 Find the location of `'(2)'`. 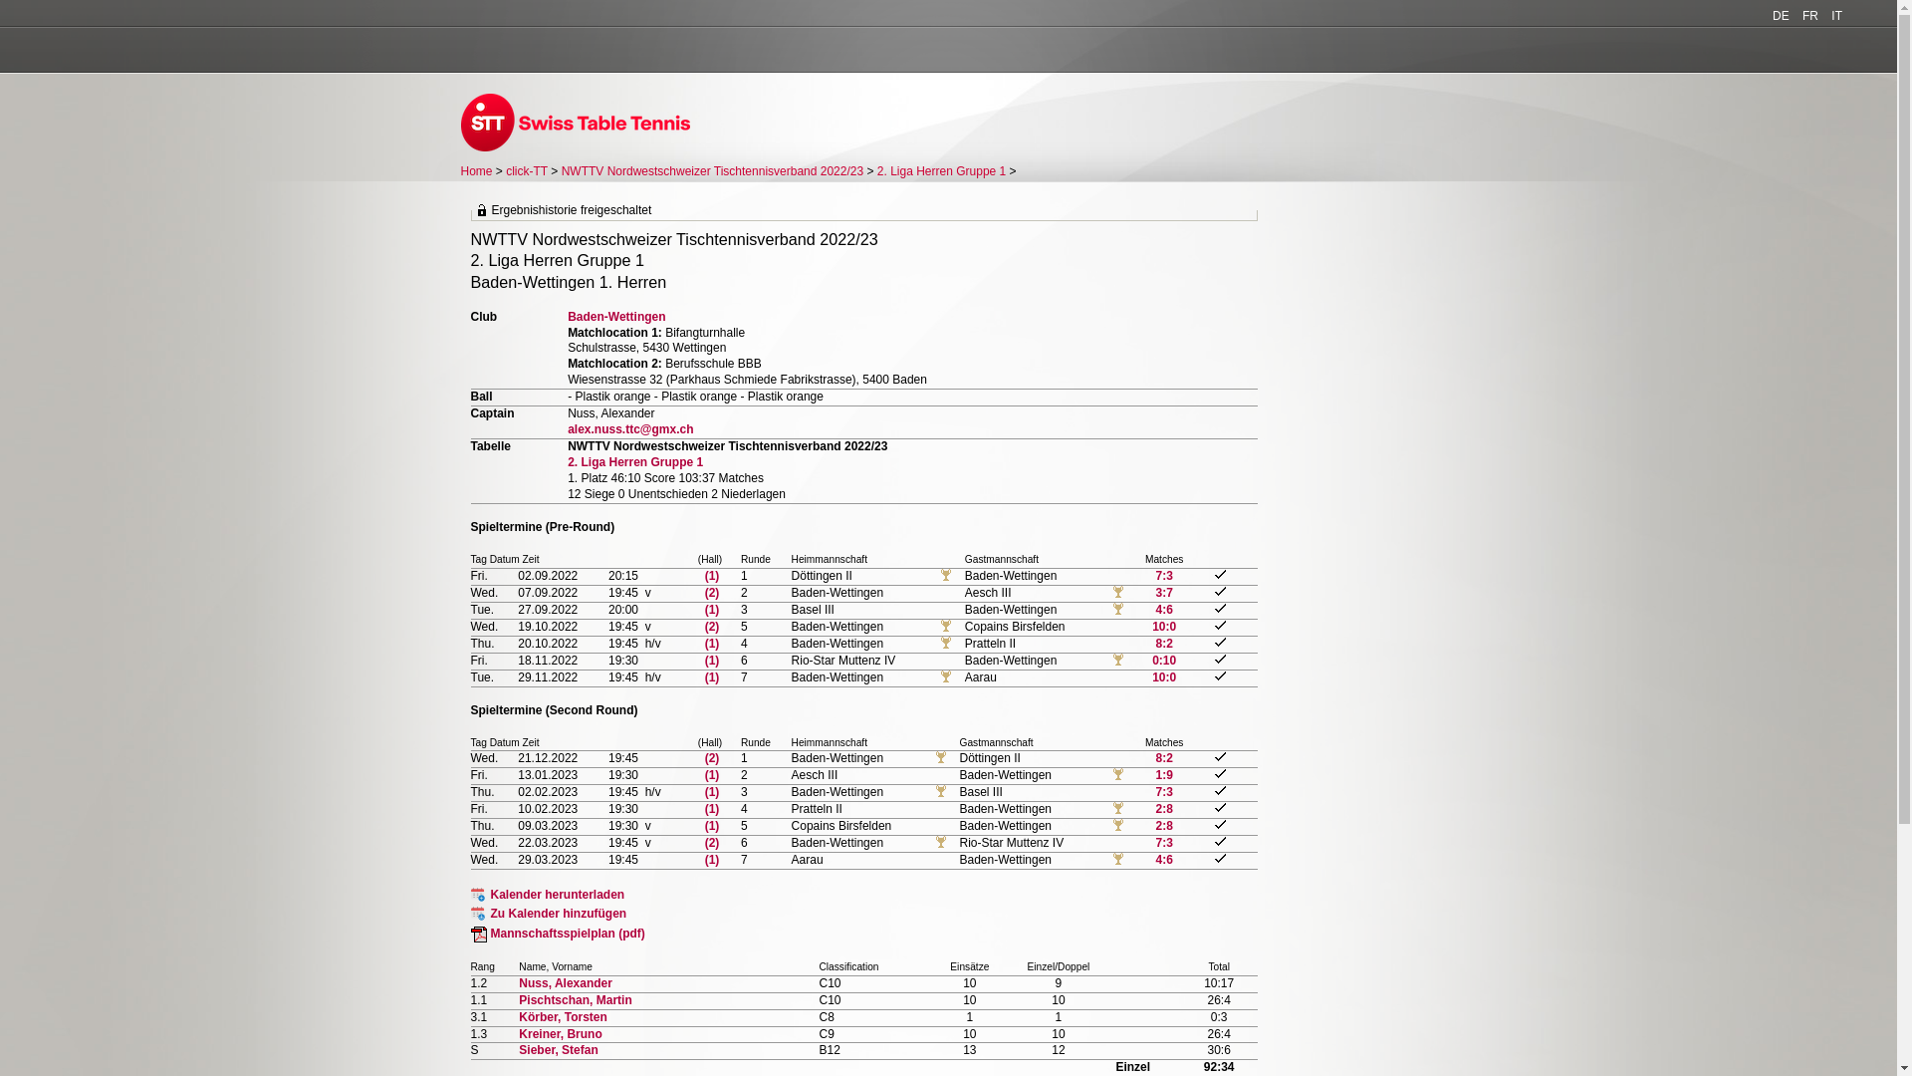

'(2)' is located at coordinates (705, 842).